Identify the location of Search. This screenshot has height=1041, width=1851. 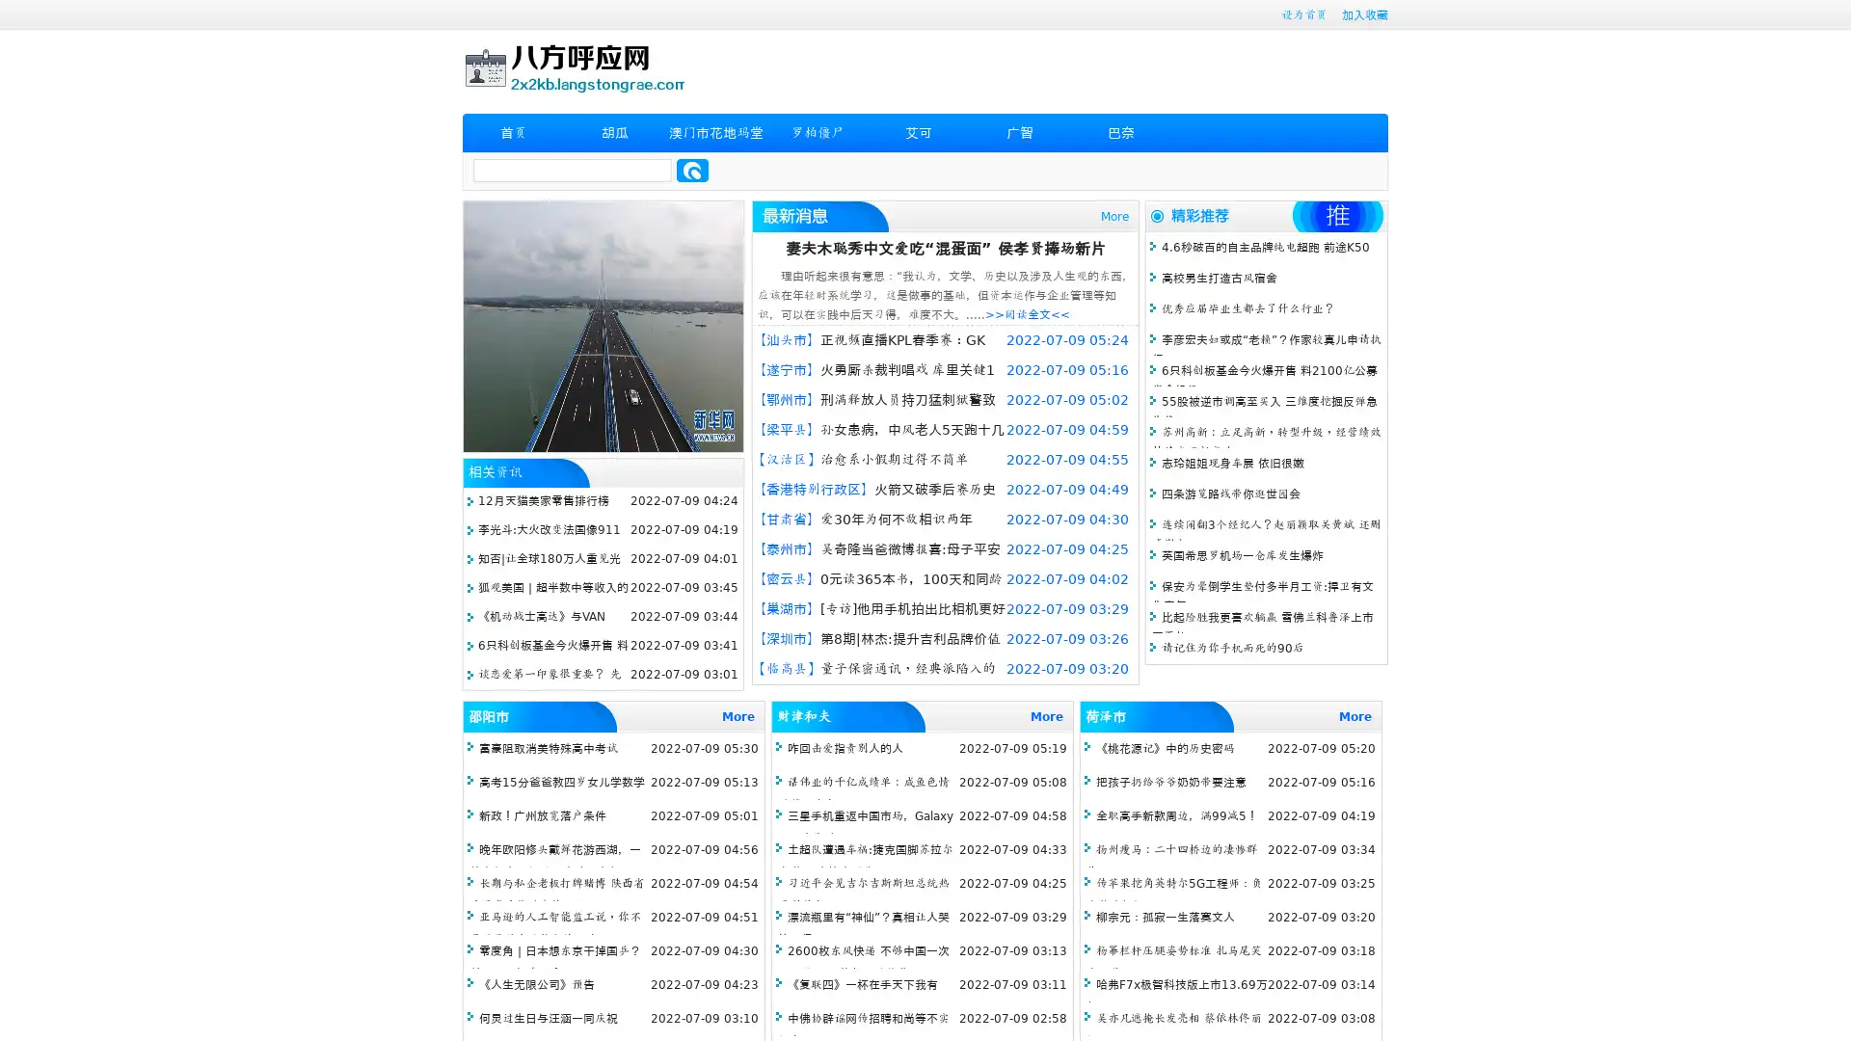
(692, 170).